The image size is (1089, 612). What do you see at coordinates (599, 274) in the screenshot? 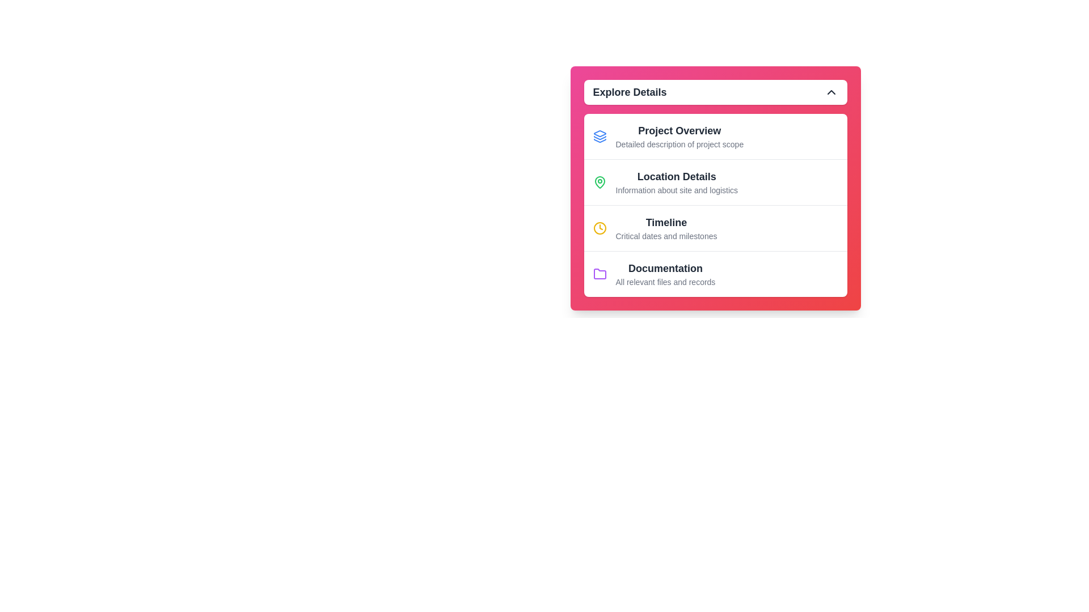
I see `the purple folder-shaped icon located next to the 'Documentation' text in the Documentation section` at bounding box center [599, 274].